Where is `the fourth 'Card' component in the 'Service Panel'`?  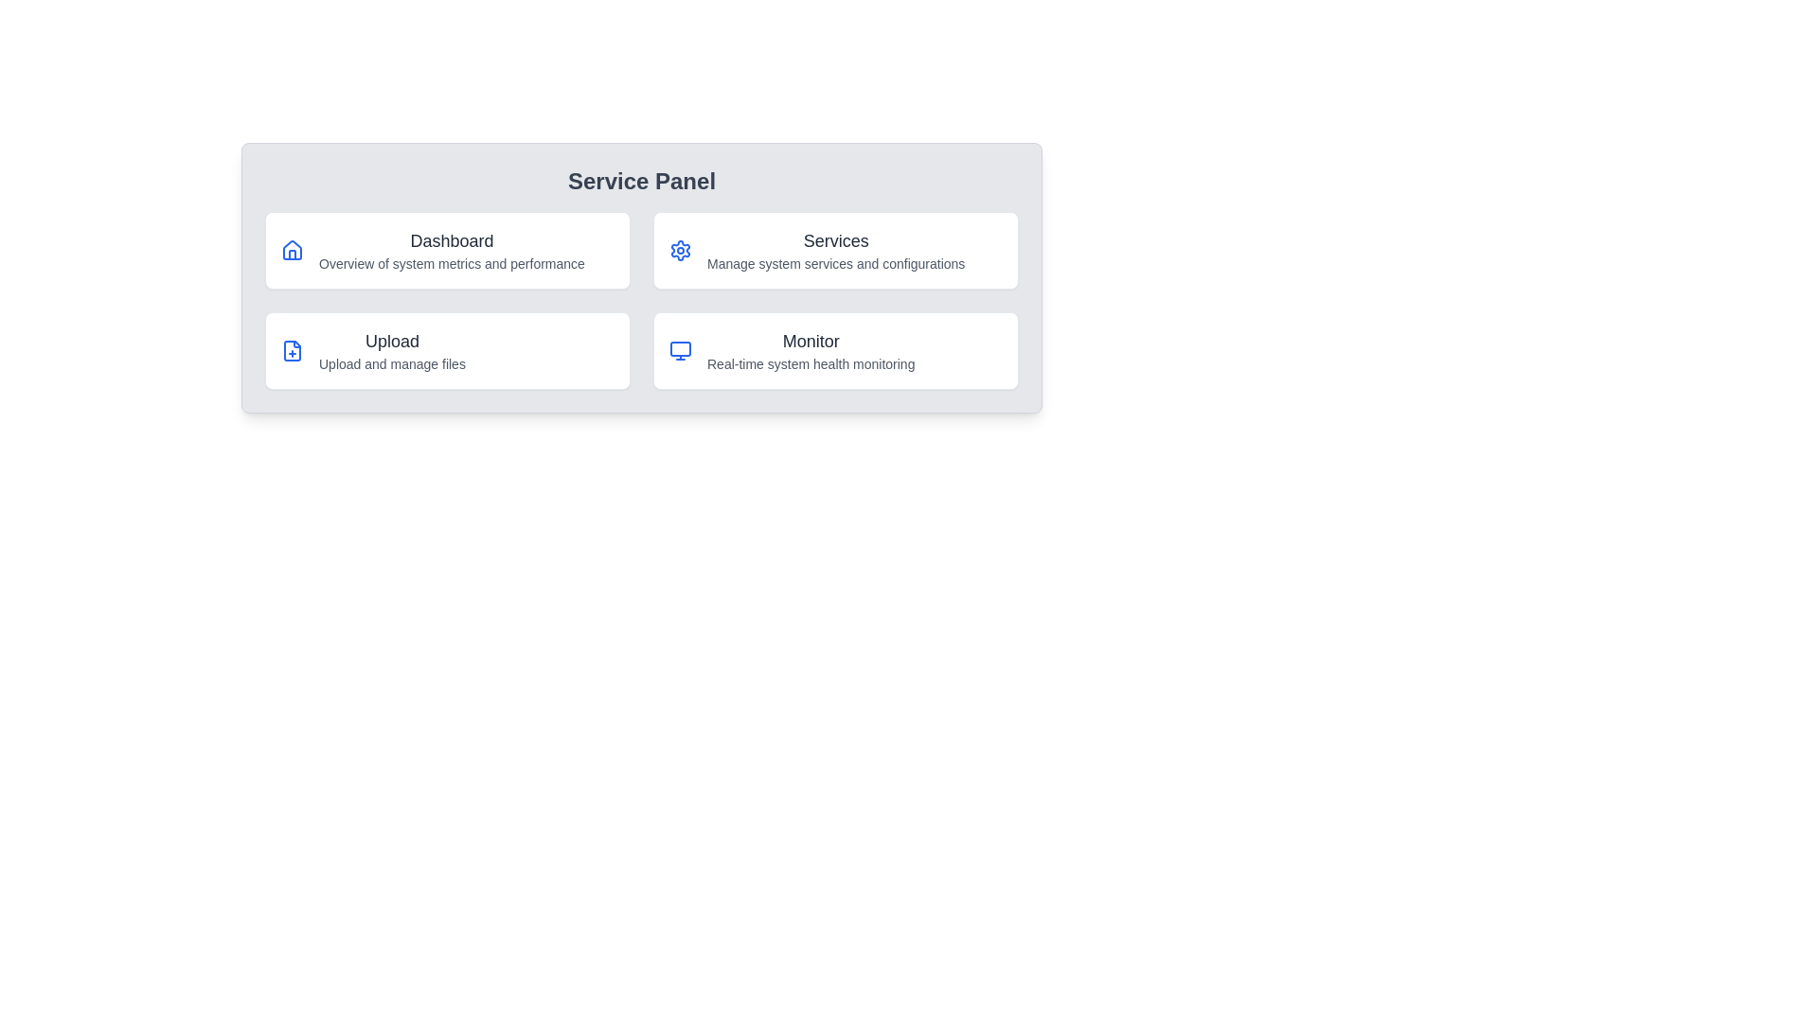
the fourth 'Card' component in the 'Service Panel' is located at coordinates (835, 350).